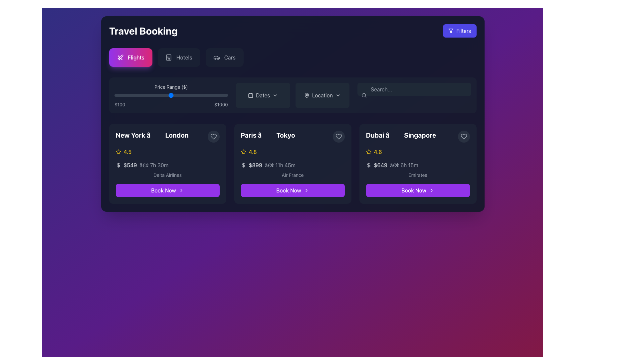  Describe the element at coordinates (293, 136) in the screenshot. I see `the label displaying the travel route 'Paris → Tokyo', which is styled in bold white font on a dark background, located near the top of the information card for flights` at that location.